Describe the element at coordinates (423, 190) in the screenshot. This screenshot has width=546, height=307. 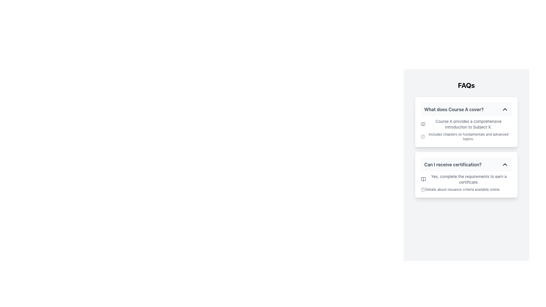
I see `the information icon located to the left of the text 'Details about issuance criteria available online' in the 'Can I receive certification?' FAQ entry for detailed information` at that location.